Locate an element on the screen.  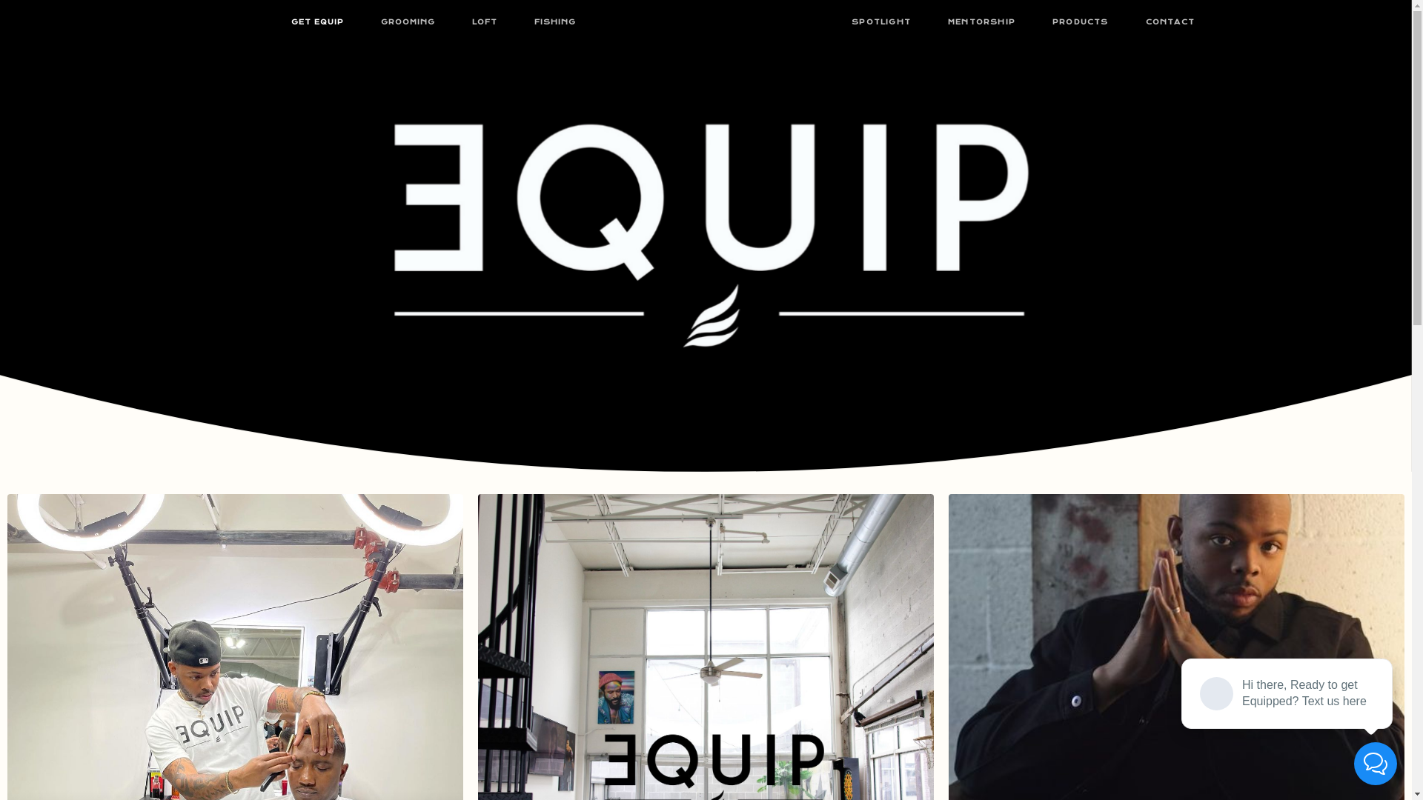
'Spotlight' is located at coordinates (820, 491).